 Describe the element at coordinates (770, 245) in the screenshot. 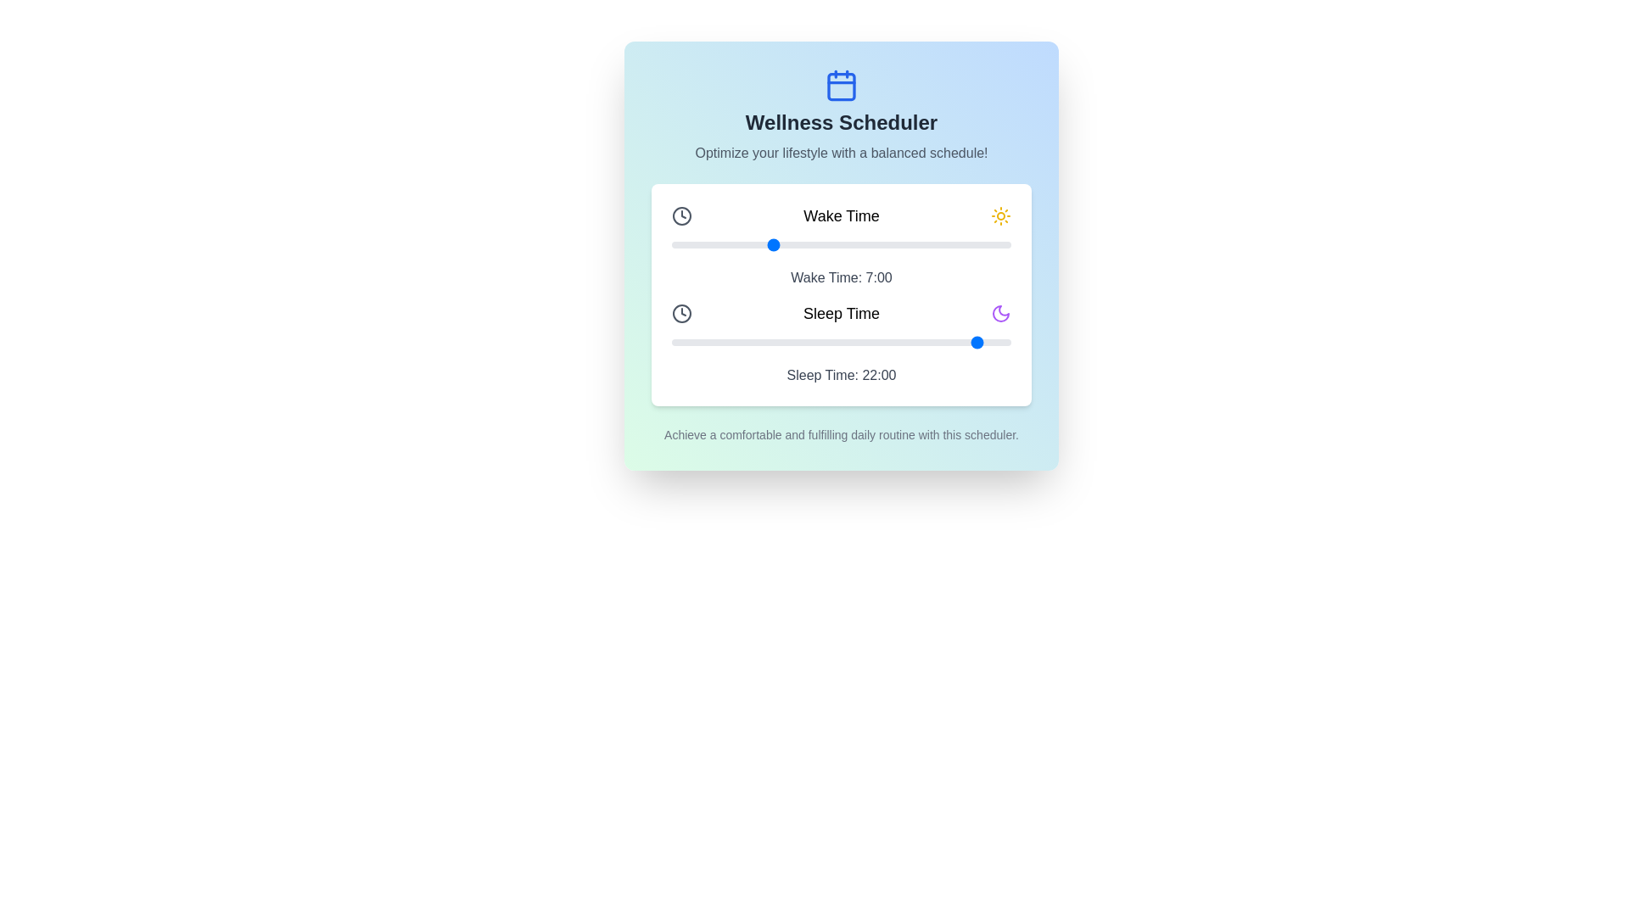

I see `the wake time` at that location.